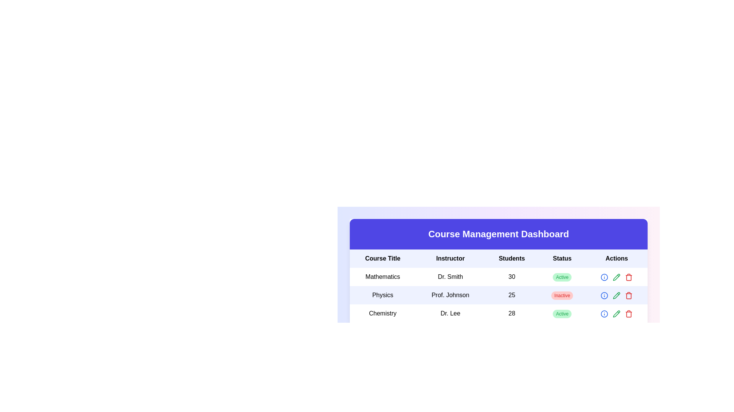  Describe the element at coordinates (562, 314) in the screenshot. I see `the 'Active' status badge, which is a small oval-shaped badge with a green background located in the 'Status' column of the third row in the 'Course Management Dashboard'` at that location.